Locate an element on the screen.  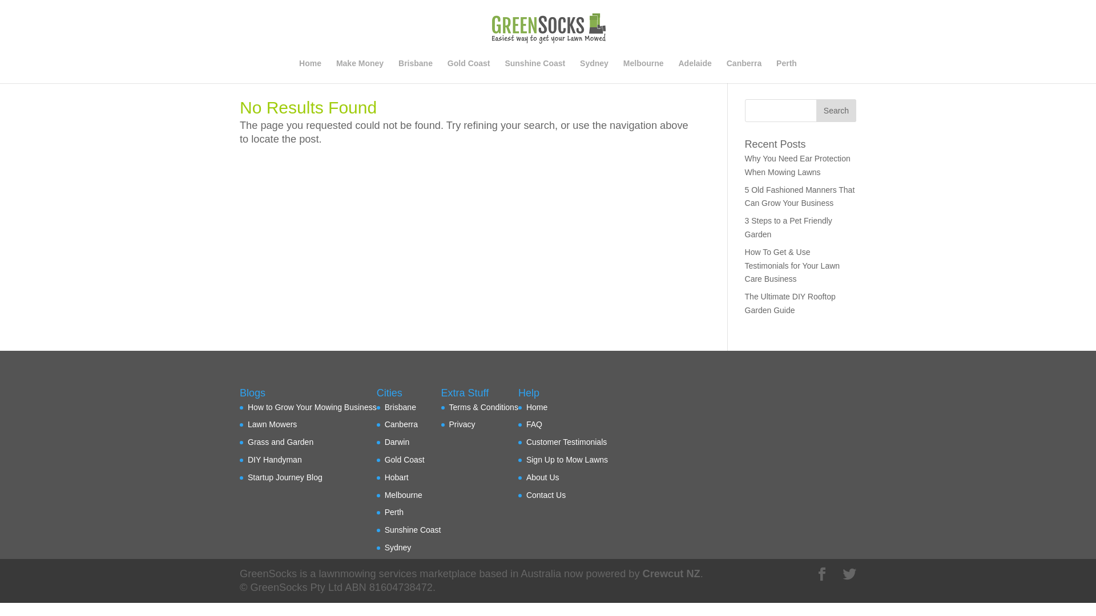
'Search' is located at coordinates (816, 110).